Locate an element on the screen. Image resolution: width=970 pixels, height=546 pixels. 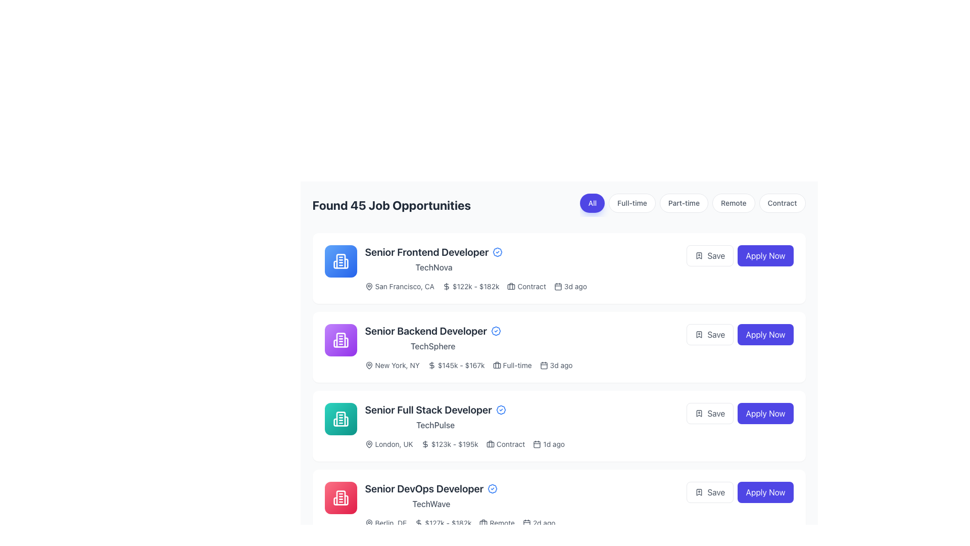
the label displaying 'Berlin, DE' with a pin icon, located in the bottom-left corner of the job entry for 'Senior DevOps Developer' is located at coordinates (385, 523).